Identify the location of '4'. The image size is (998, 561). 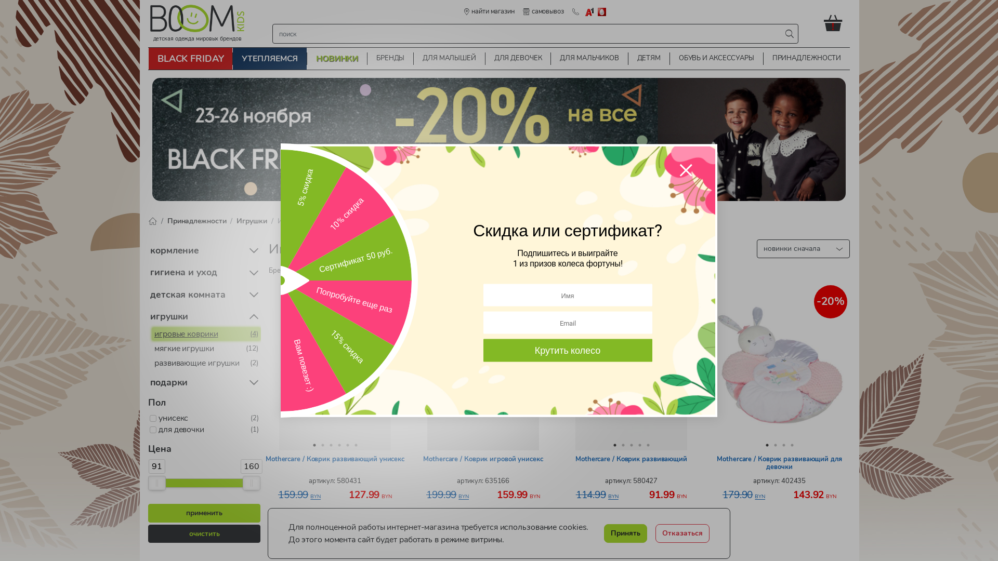
(339, 444).